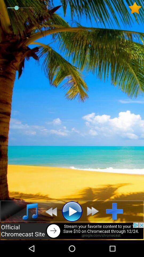  What do you see at coordinates (49, 211) in the screenshot?
I see `bach option` at bounding box center [49, 211].